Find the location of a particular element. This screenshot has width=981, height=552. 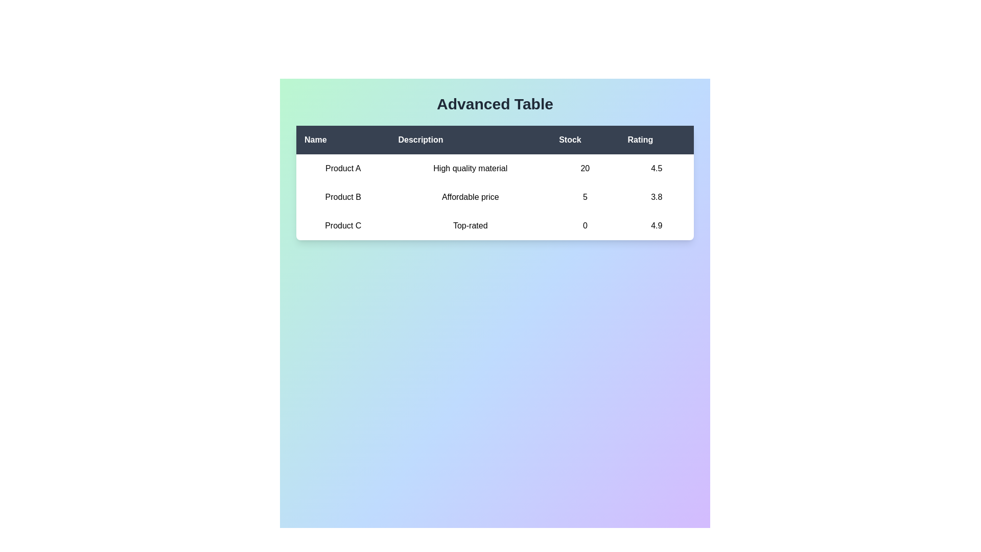

a row in the product information table is located at coordinates (495, 182).